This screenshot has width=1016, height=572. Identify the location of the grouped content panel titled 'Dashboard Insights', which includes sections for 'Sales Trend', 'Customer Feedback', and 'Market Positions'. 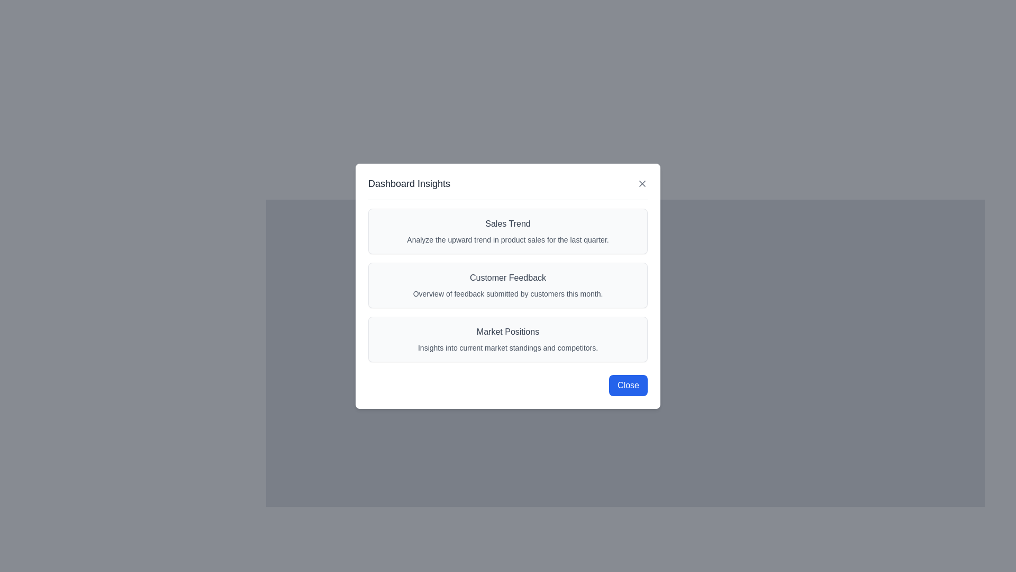
(508, 284).